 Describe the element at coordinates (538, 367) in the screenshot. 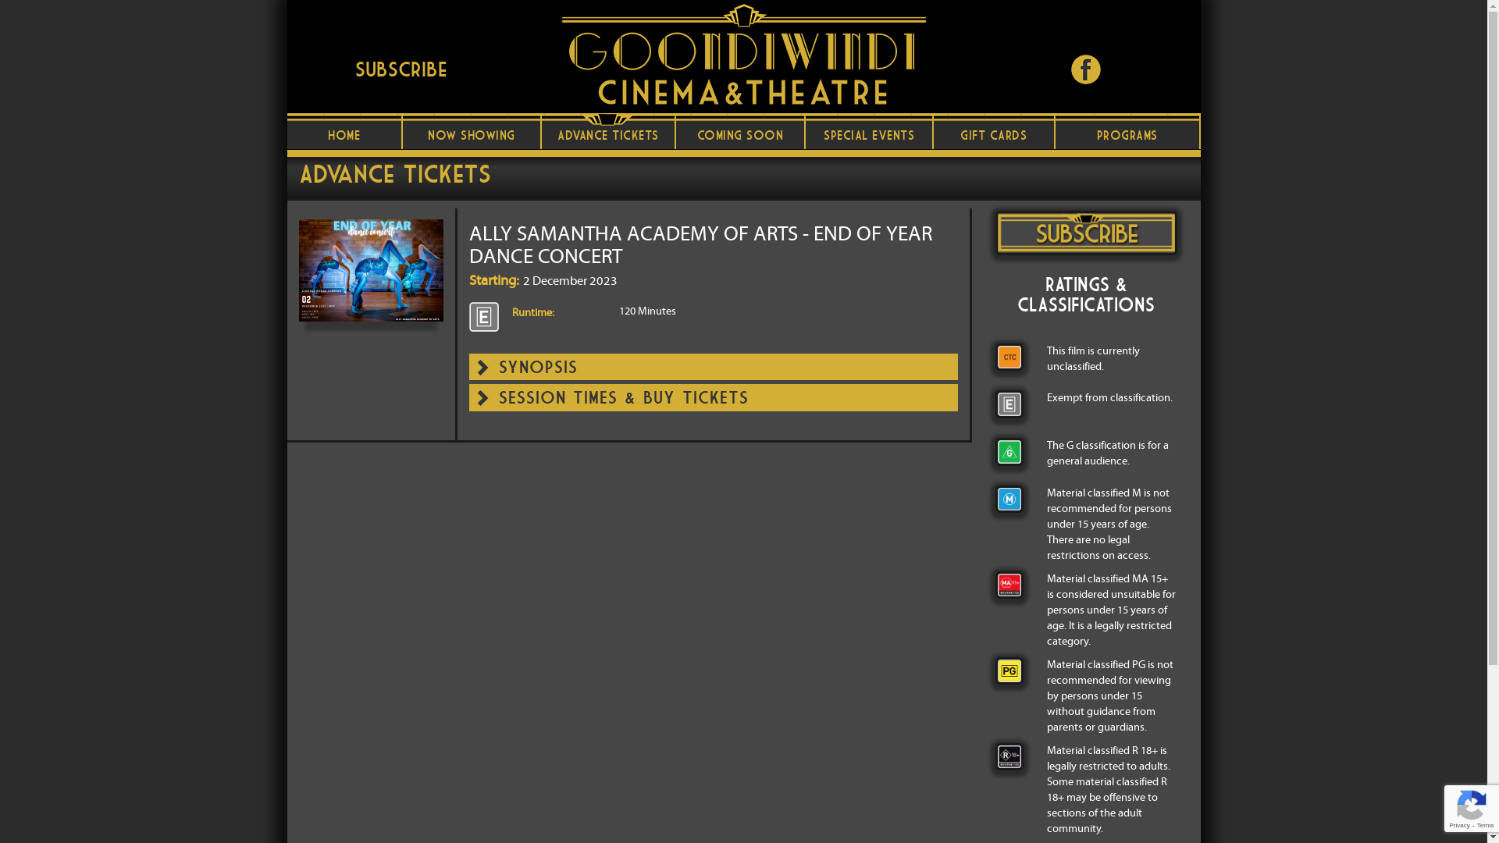

I see `'SYNOPSIS'` at that location.